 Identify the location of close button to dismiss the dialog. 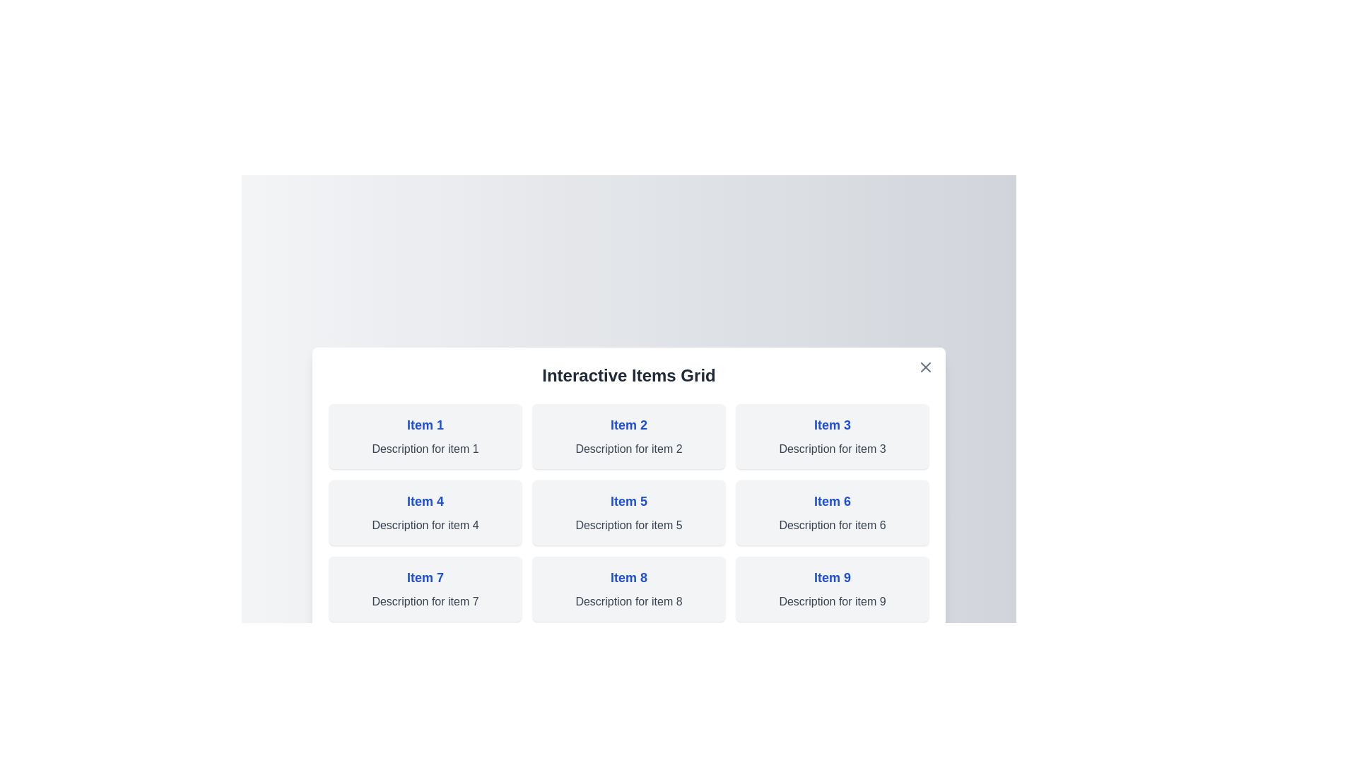
(926, 366).